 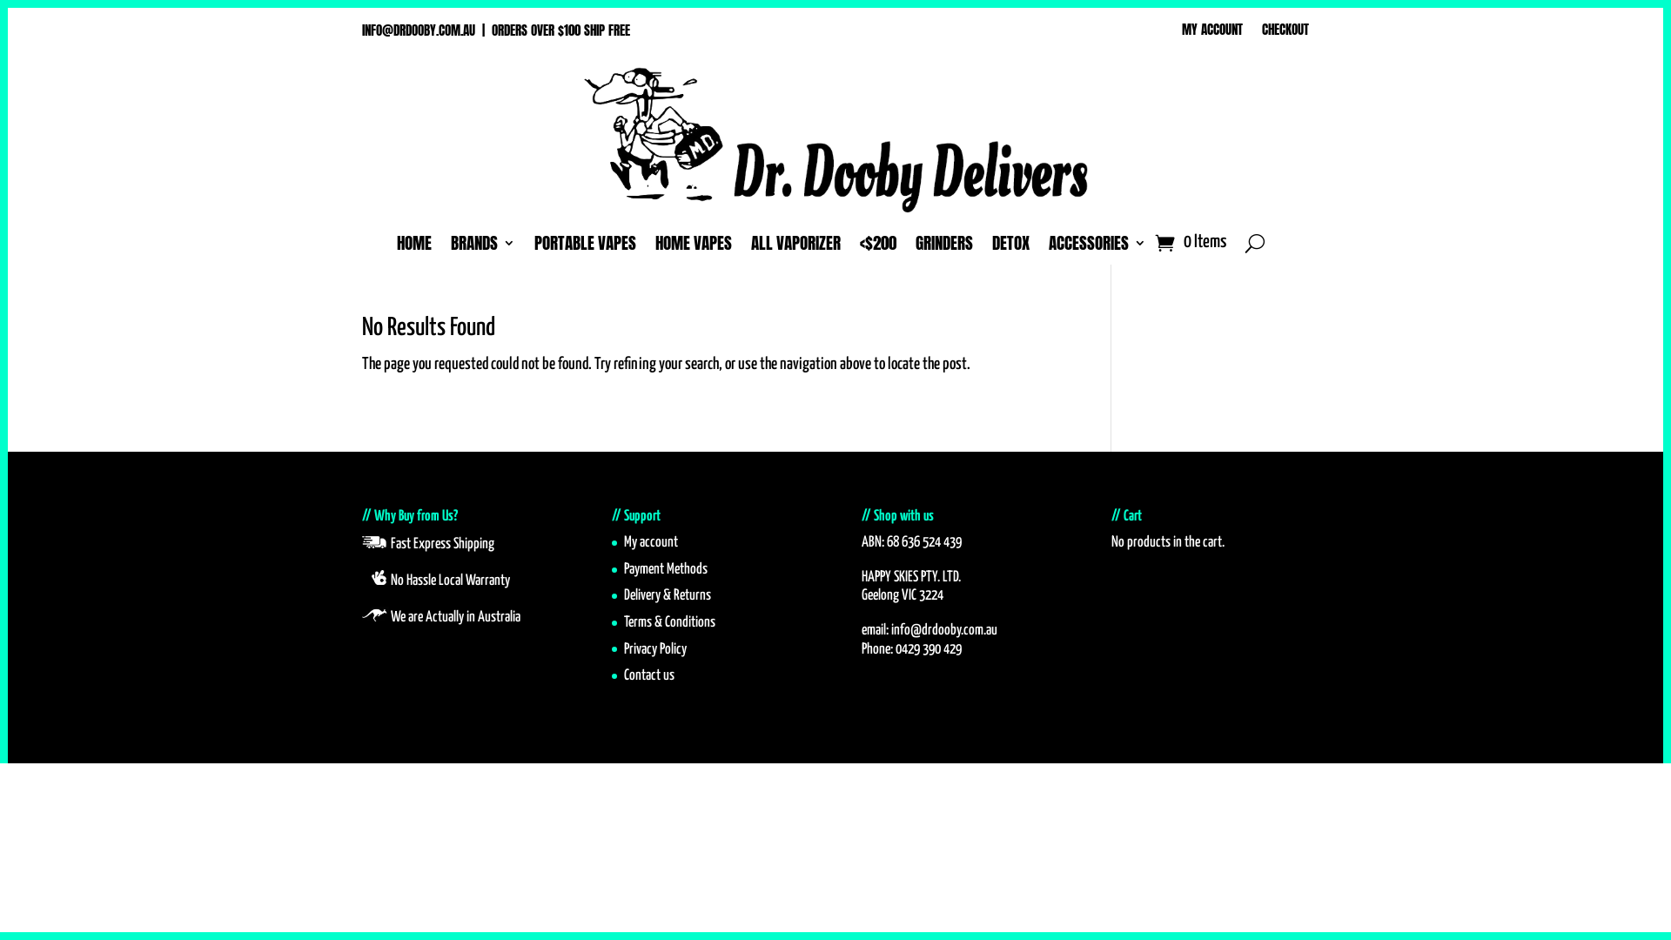 What do you see at coordinates (585, 245) in the screenshot?
I see `'PORTABLE VAPES'` at bounding box center [585, 245].